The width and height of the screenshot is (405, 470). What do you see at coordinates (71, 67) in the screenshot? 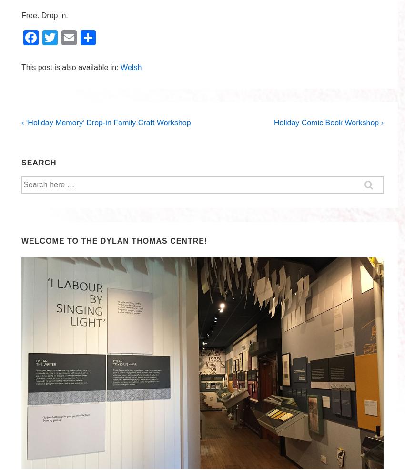
I see `'This post is also available in:'` at bounding box center [71, 67].